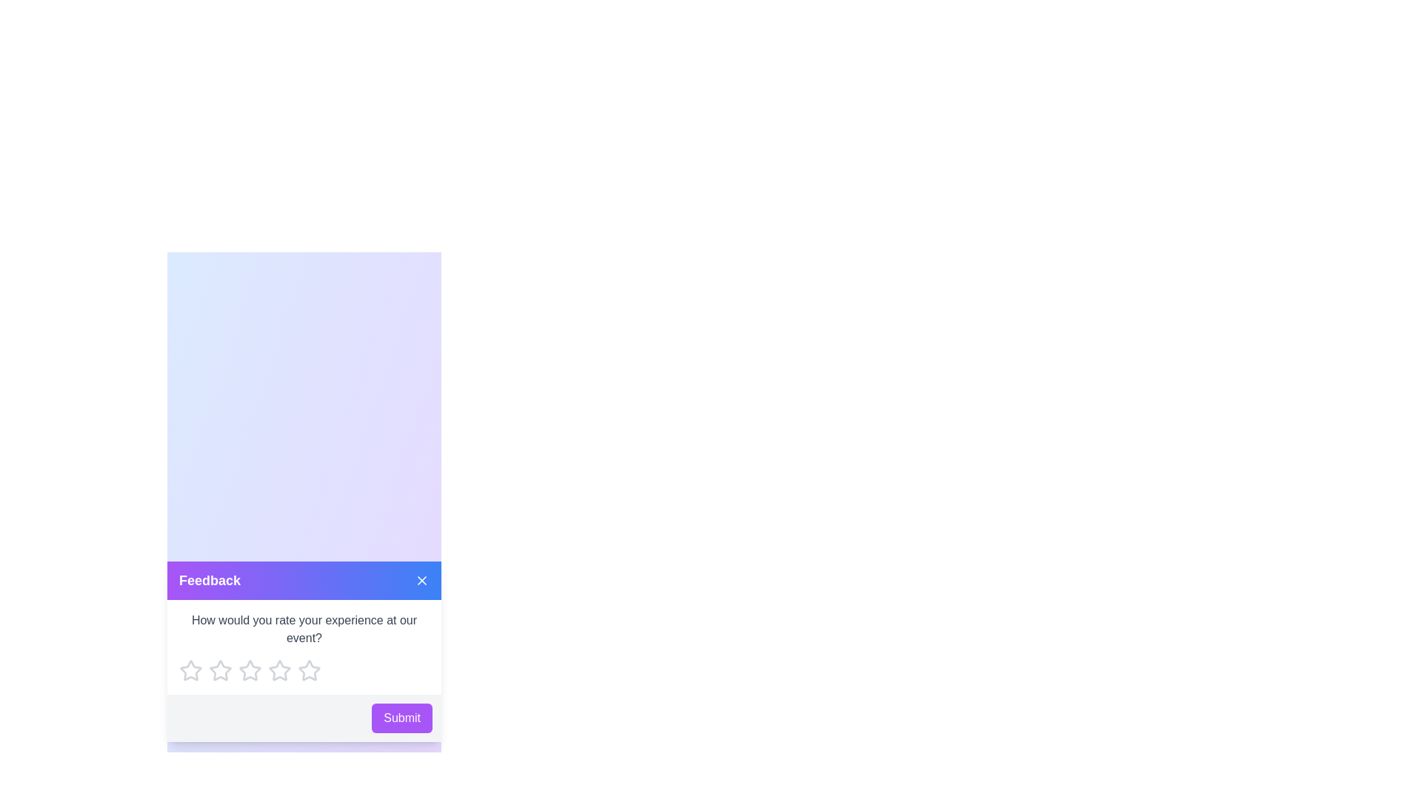 Image resolution: width=1422 pixels, height=799 pixels. What do you see at coordinates (421, 580) in the screenshot?
I see `the small graphical 'X' icon in the top-right corner of the blue header section labeled 'Feedback'` at bounding box center [421, 580].